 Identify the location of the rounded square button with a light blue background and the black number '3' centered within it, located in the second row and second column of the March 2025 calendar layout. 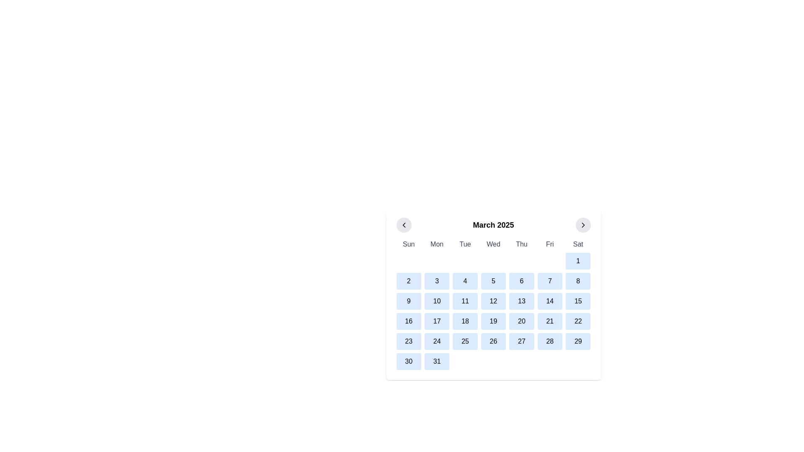
(436, 281).